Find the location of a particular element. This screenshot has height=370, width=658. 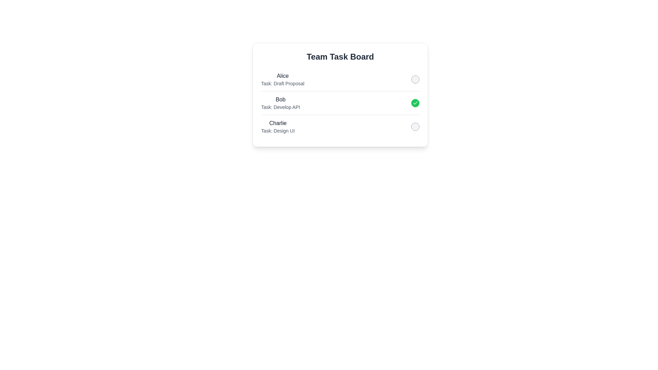

the status indicator for the task assigned to Alice is located at coordinates (415, 79).